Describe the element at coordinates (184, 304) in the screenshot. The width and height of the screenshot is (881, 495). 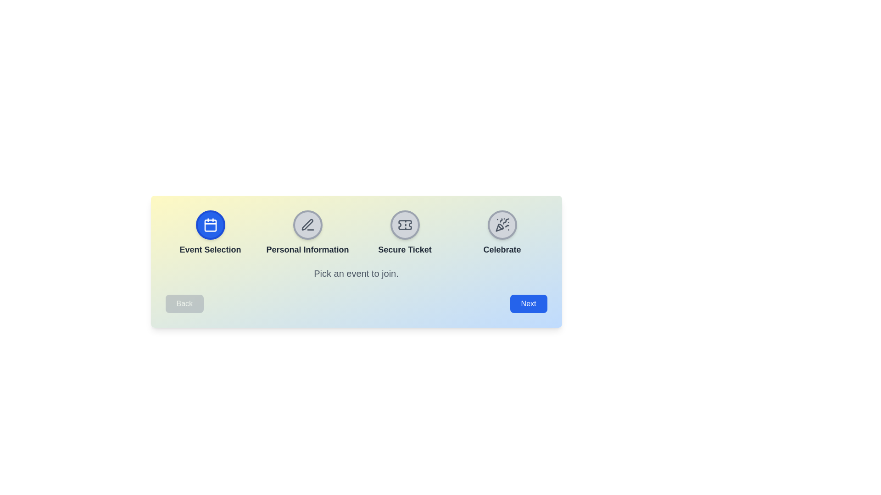
I see `'Back' button to return to the previous step` at that location.